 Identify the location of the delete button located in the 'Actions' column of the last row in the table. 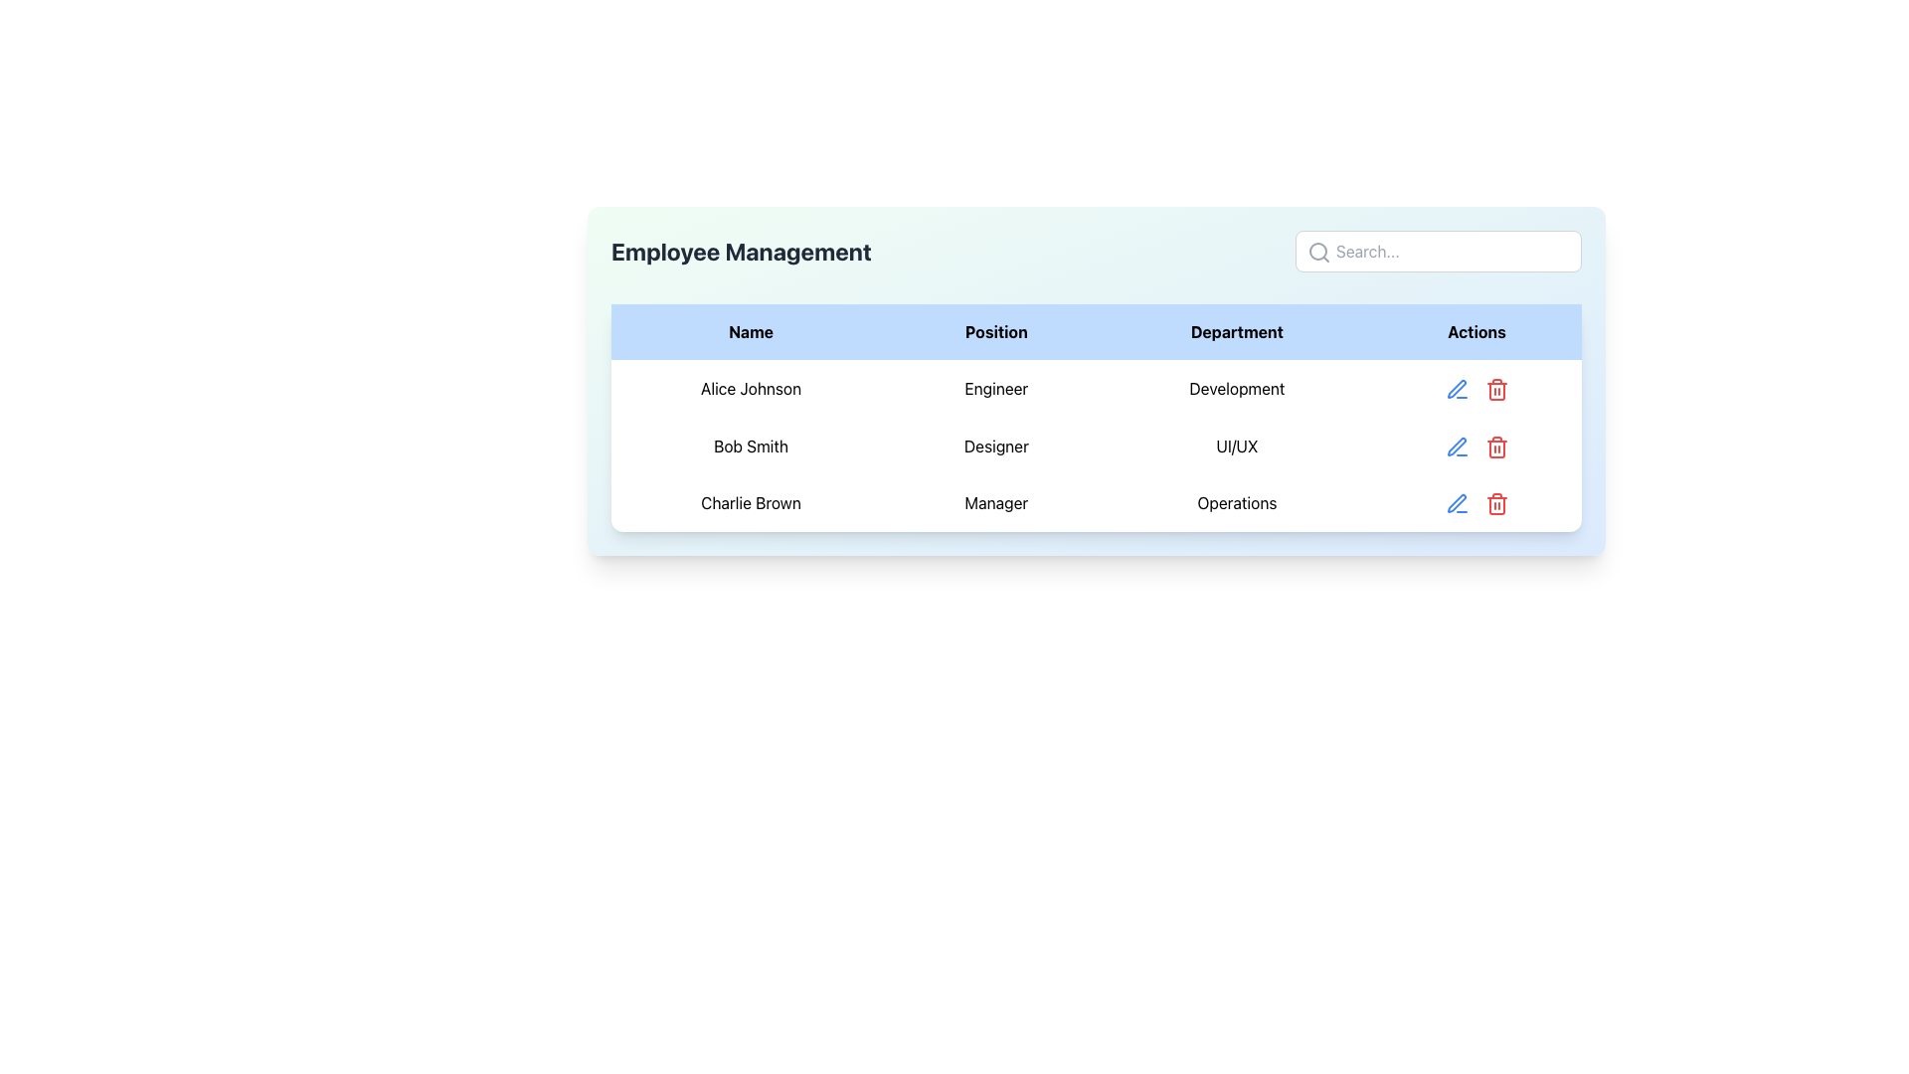
(1496, 502).